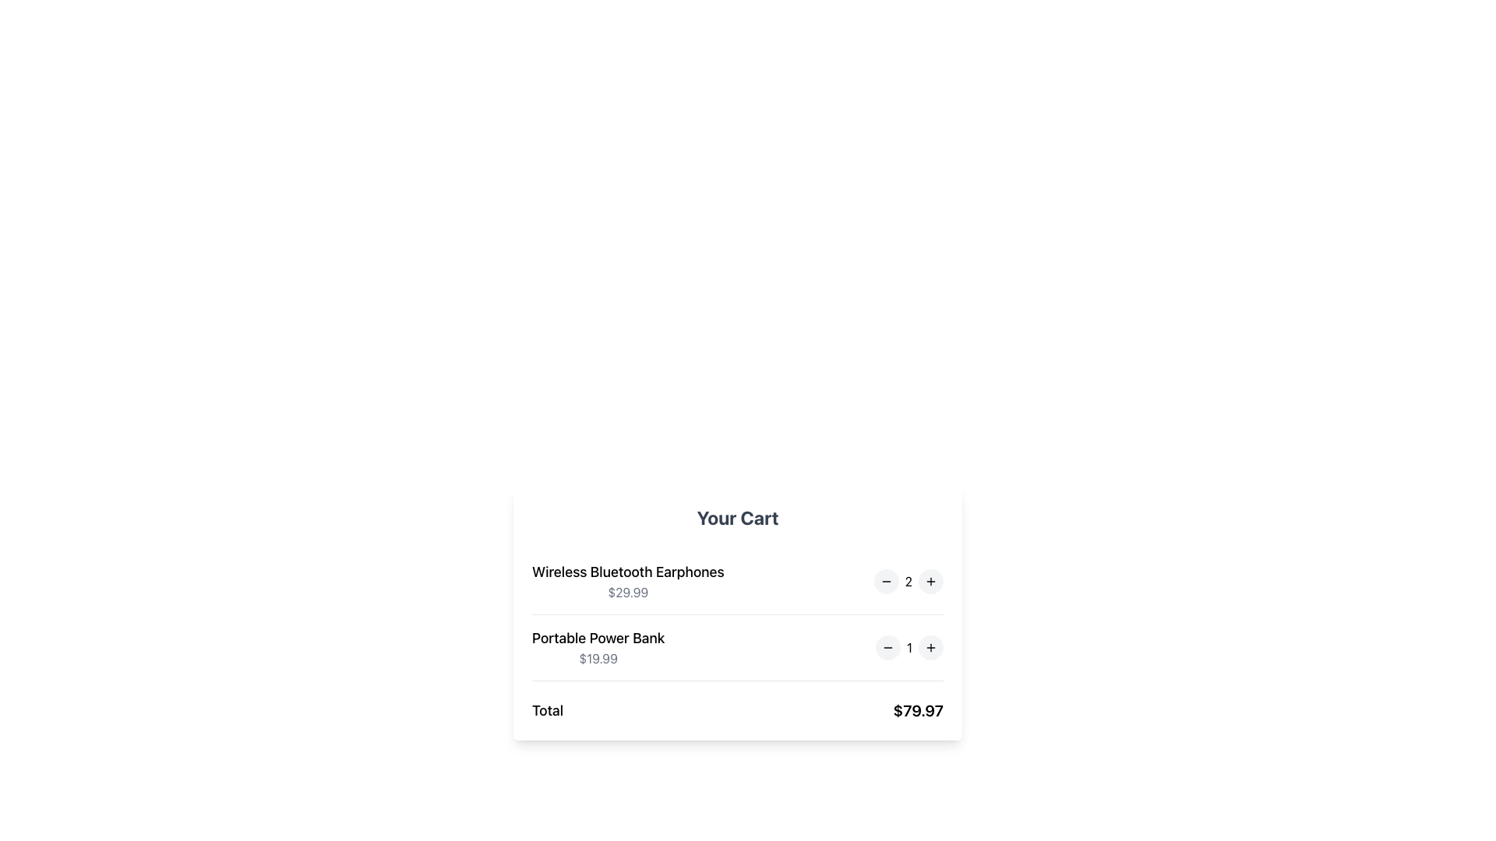 The image size is (1496, 841). Describe the element at coordinates (909, 648) in the screenshot. I see `displayed number from the numeric display showing '1', which is centrally located between the decrement (-) and increment (+) buttons in the portable power bank item section of the cart` at that location.